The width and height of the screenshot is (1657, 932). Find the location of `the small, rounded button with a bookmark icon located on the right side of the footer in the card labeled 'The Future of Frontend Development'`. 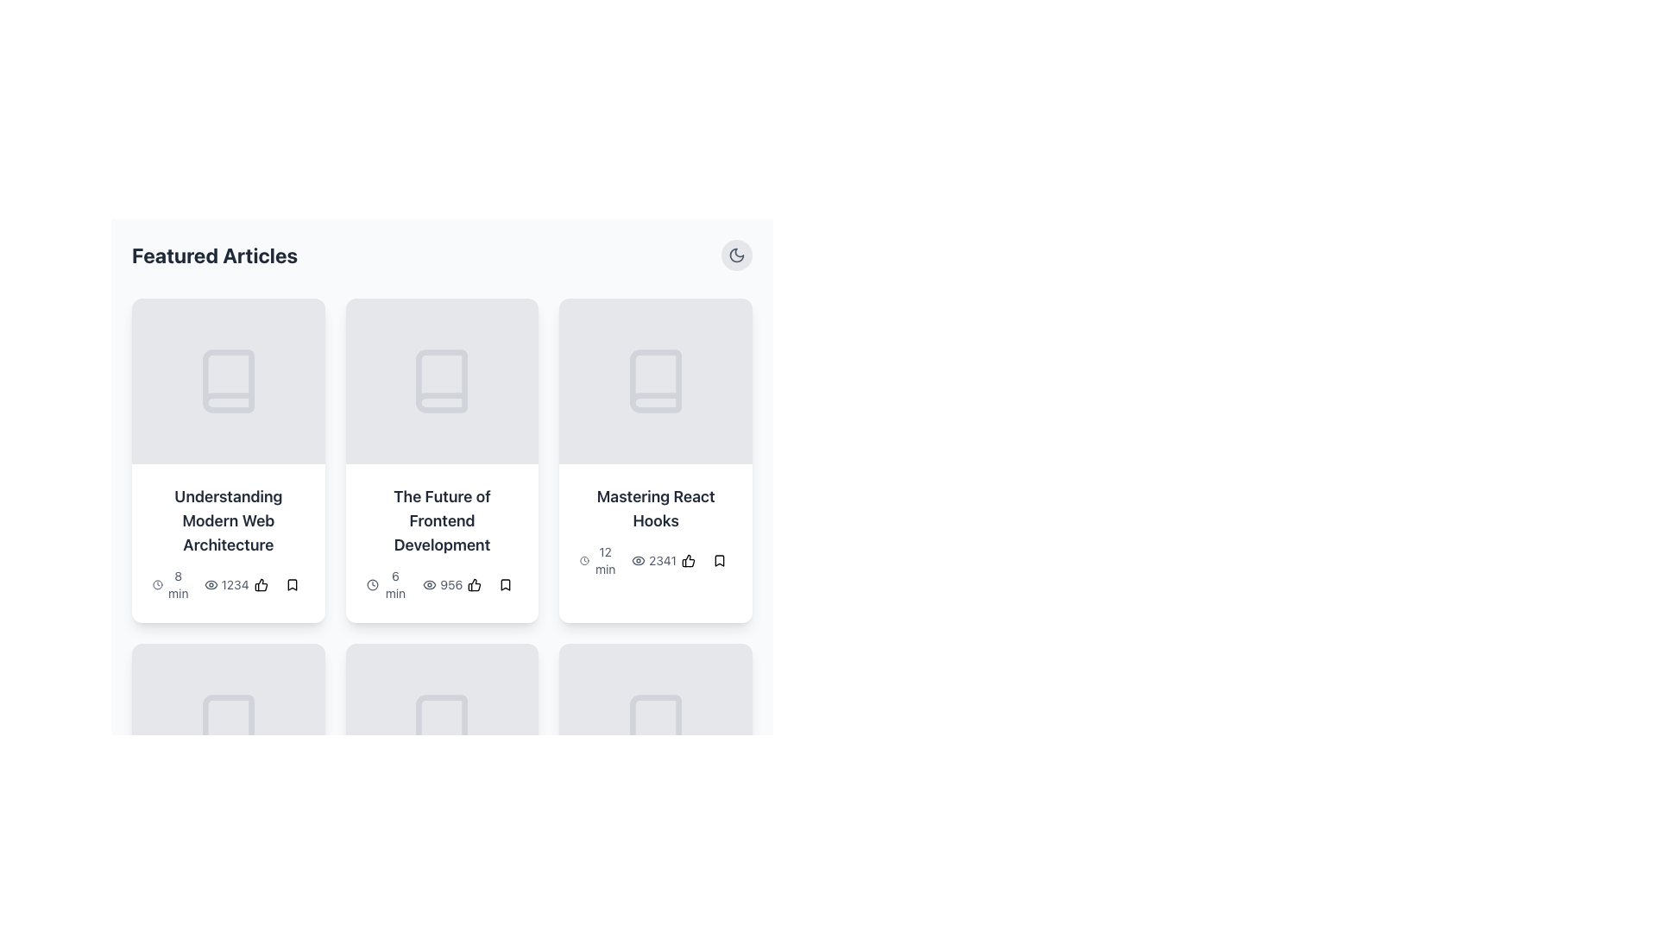

the small, rounded button with a bookmark icon located on the right side of the footer in the card labeled 'The Future of Frontend Development' is located at coordinates (504, 584).